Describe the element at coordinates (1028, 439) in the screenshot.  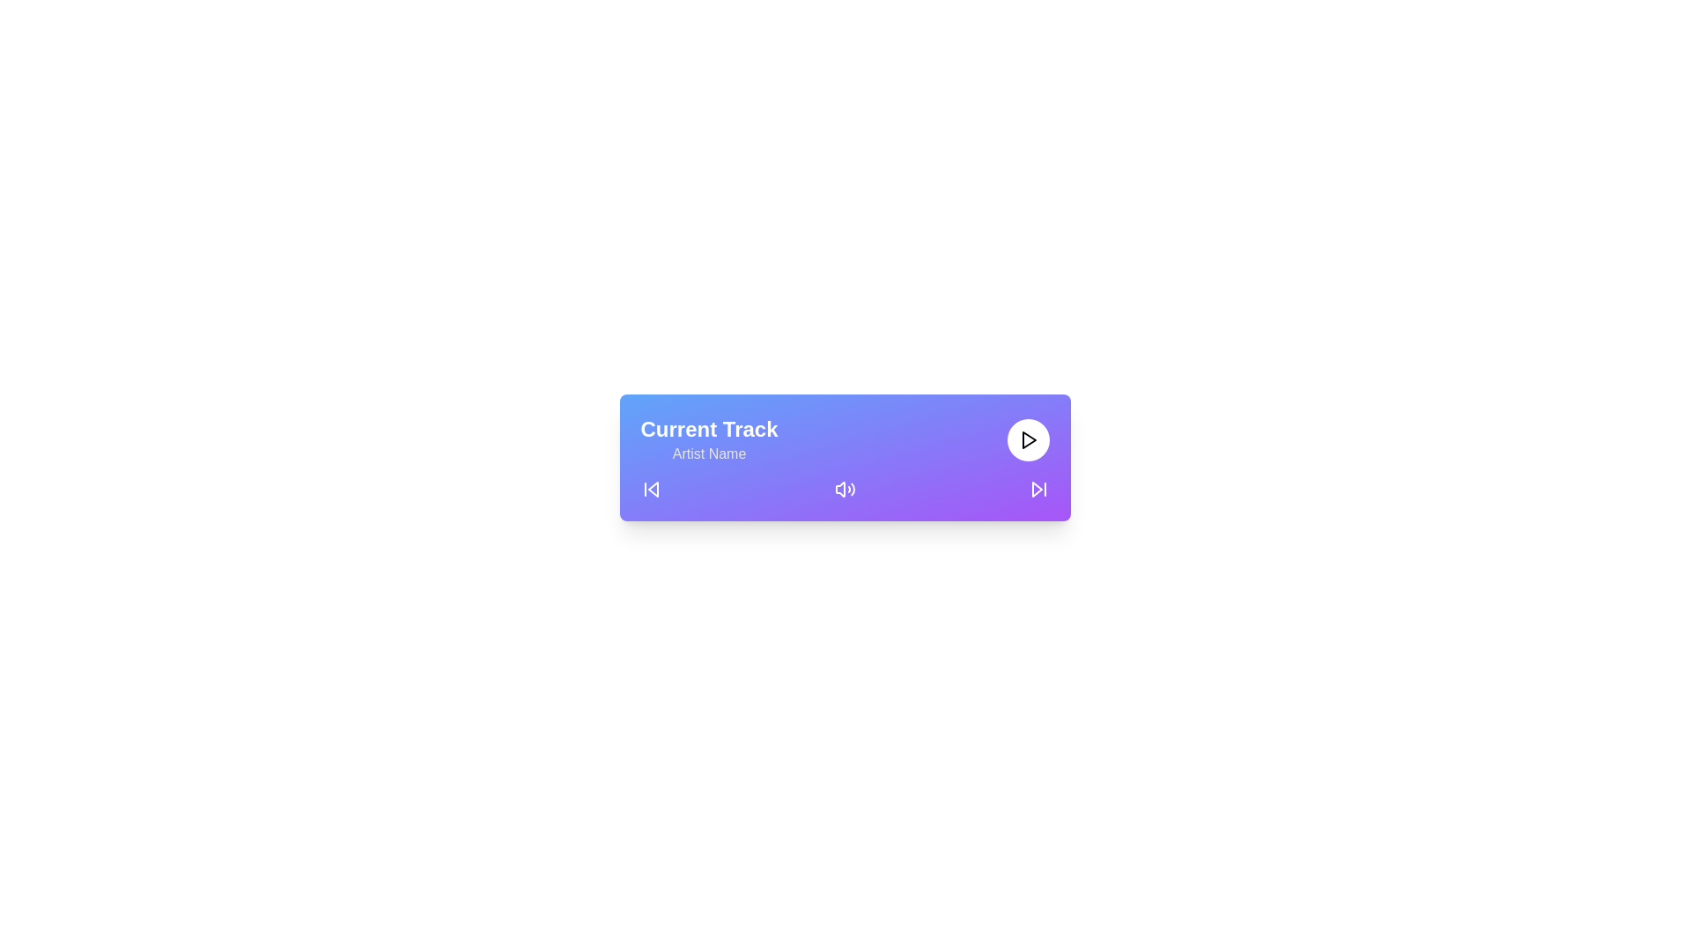
I see `the triangle button located on the rightmost side of the toolbar, which plays audio or a media track when clicked` at that location.